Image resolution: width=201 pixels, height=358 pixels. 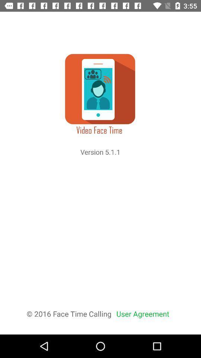 What do you see at coordinates (143, 313) in the screenshot?
I see `item below the version 5 1` at bounding box center [143, 313].